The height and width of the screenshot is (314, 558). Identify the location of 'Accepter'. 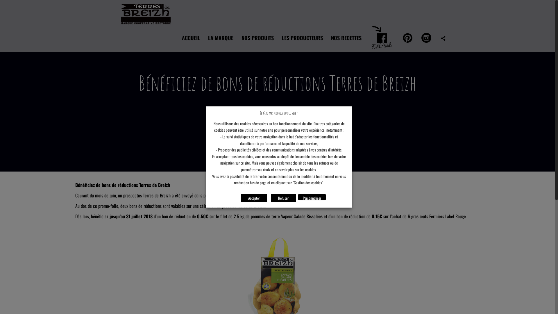
(254, 198).